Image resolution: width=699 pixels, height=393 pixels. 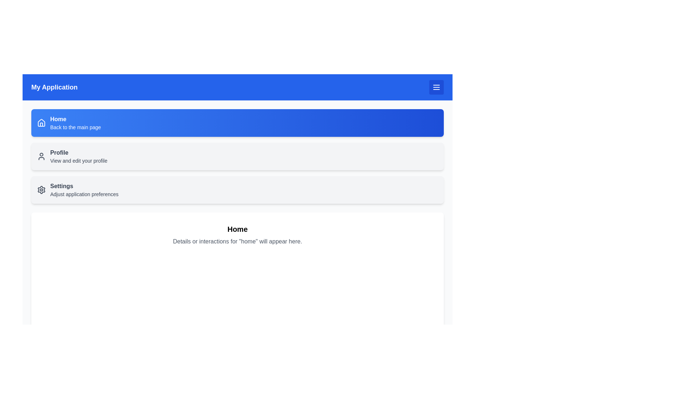 I want to click on the 'Settings' text label for the navigation button, which displays the title 'Settings' in bold and the subtitle 'Adjust application preferences' in a lighter font, located in the left sidebar menu, so click(x=84, y=189).